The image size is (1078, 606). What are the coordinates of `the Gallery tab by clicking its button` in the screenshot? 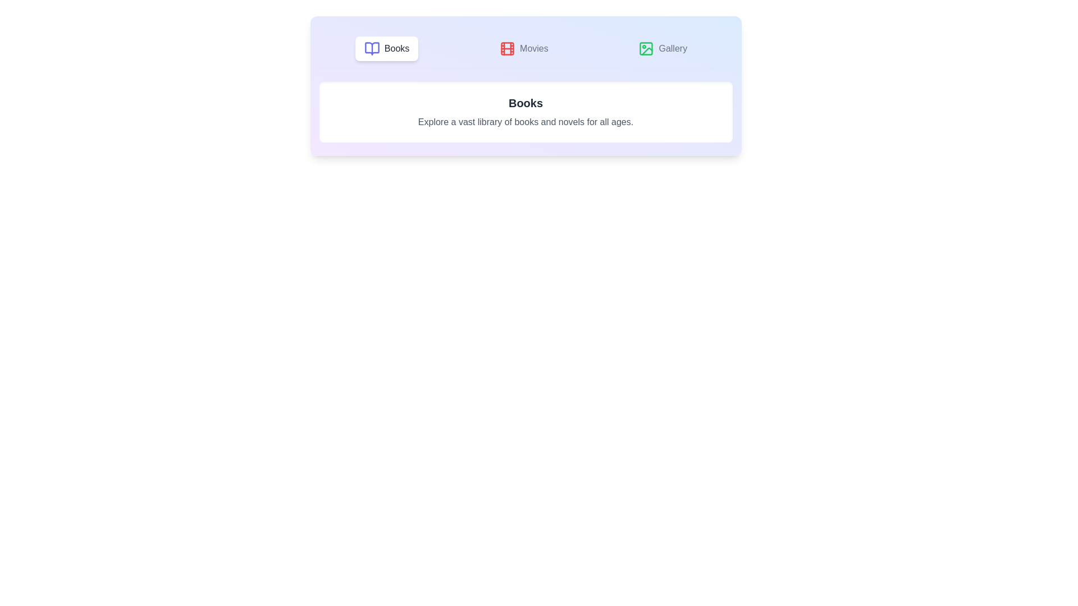 It's located at (663, 48).